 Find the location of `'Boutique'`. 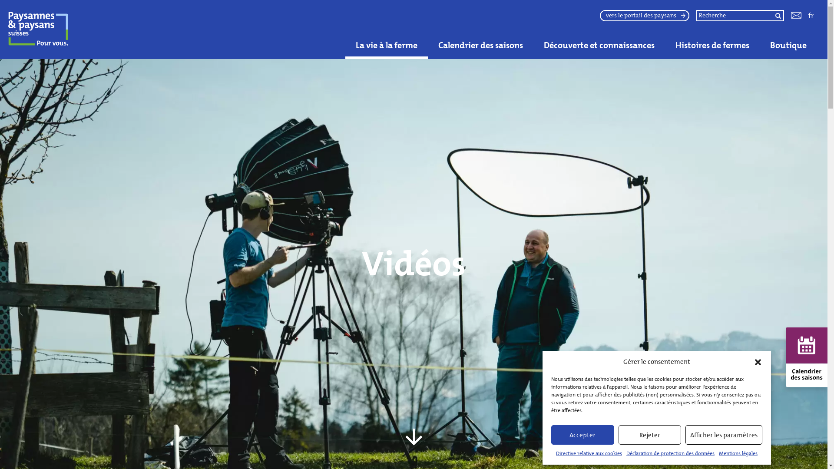

'Boutique' is located at coordinates (788, 45).